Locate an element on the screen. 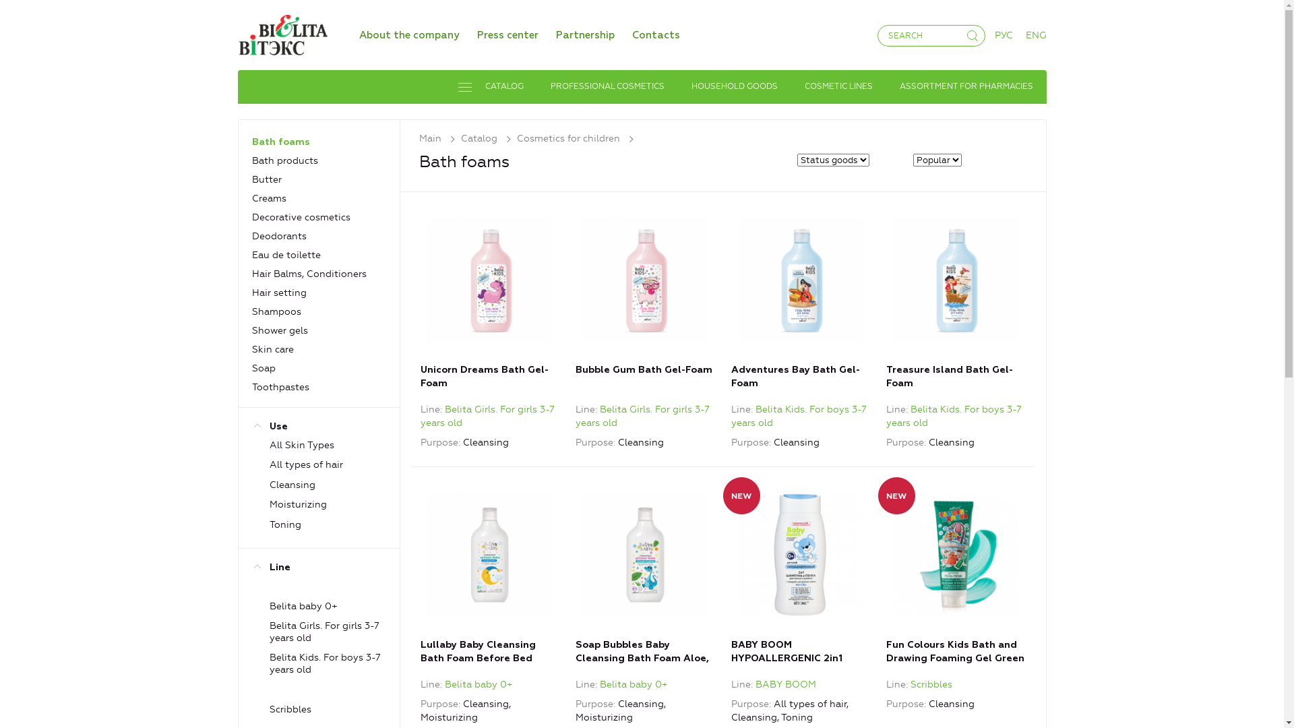 The image size is (1294, 728). 'Bath products' is located at coordinates (284, 160).